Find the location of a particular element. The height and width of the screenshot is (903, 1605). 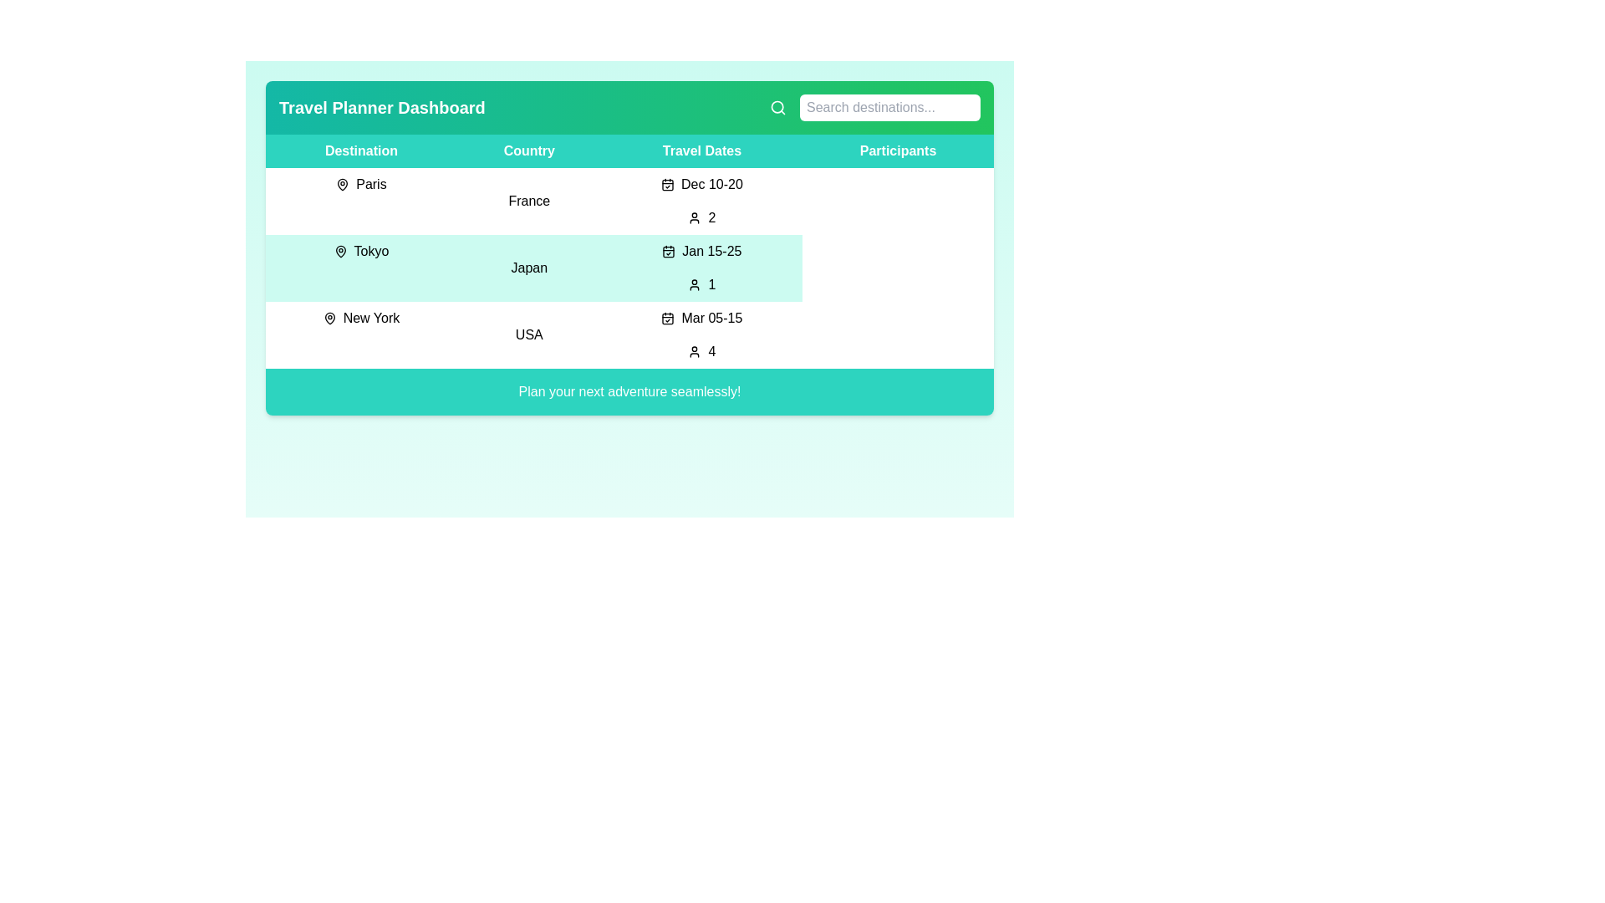

the text label displaying 'France' located in the 'Country' column for the 'Paris' destination is located at coordinates (528, 200).